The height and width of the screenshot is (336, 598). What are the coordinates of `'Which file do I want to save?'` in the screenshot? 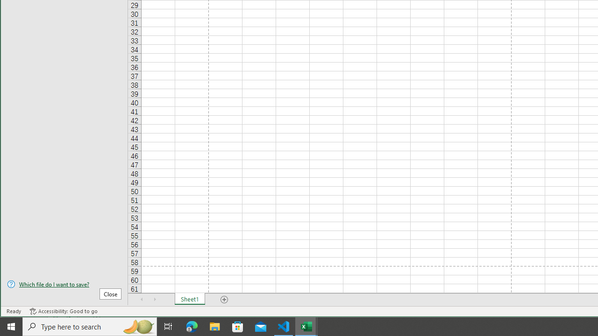 It's located at (64, 284).